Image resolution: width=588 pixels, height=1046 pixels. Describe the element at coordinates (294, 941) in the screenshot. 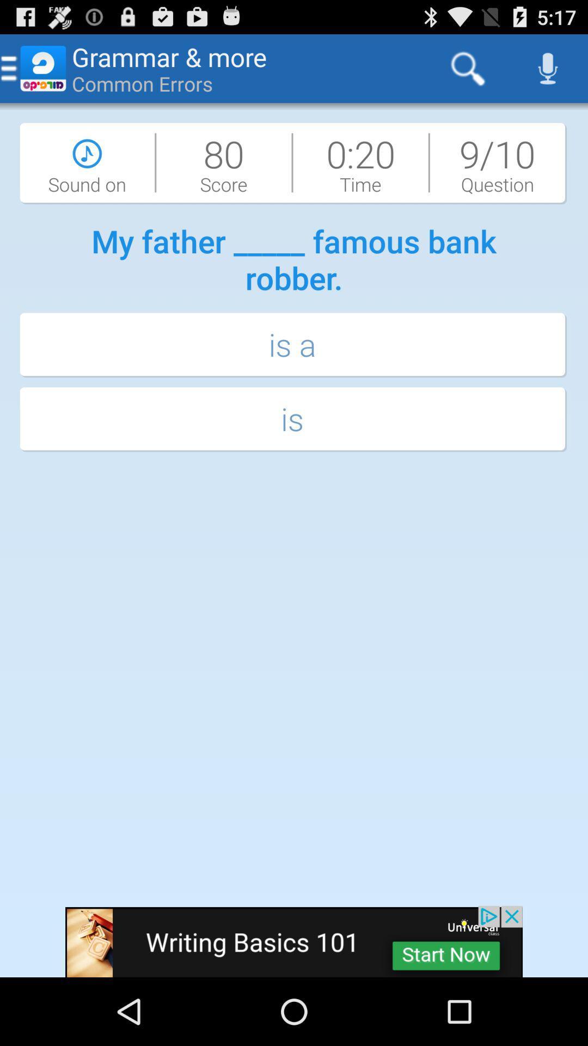

I see `advertisement for writing` at that location.